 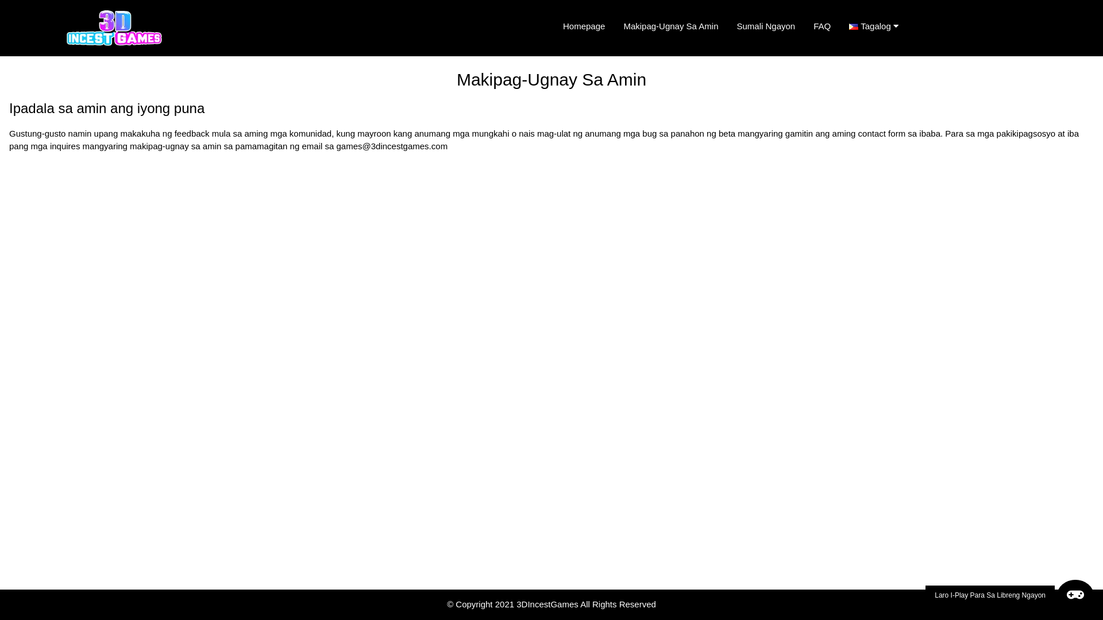 I want to click on 'Tagalog', so click(x=878, y=26).